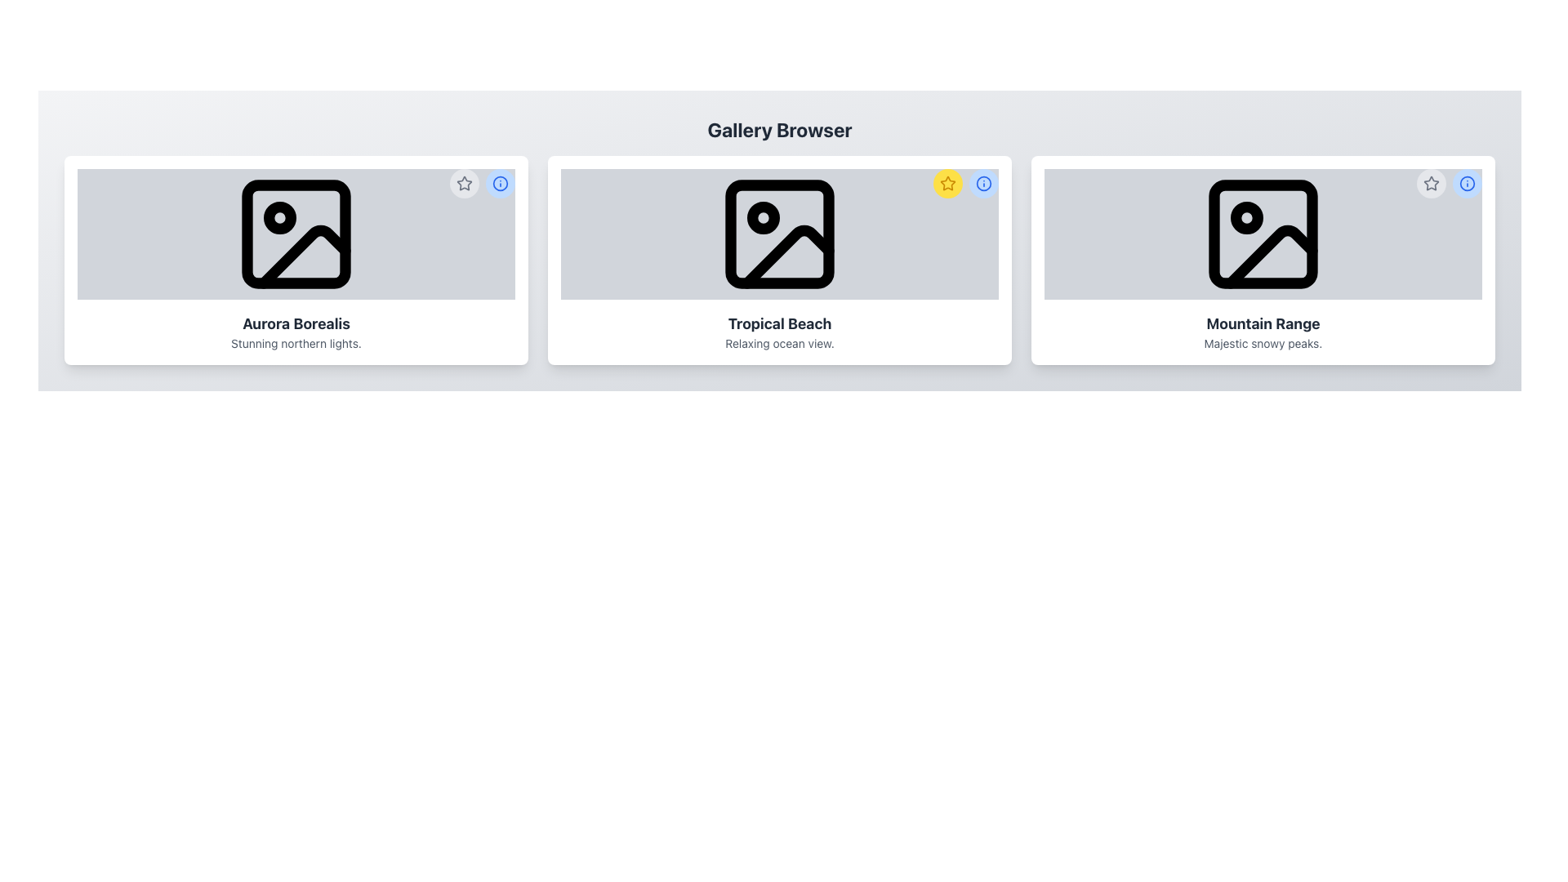  What do you see at coordinates (1467, 183) in the screenshot?
I see `the circular blue SVG icon located in the top-right region of the third image card under the heading 'Mountain Range.'` at bounding box center [1467, 183].